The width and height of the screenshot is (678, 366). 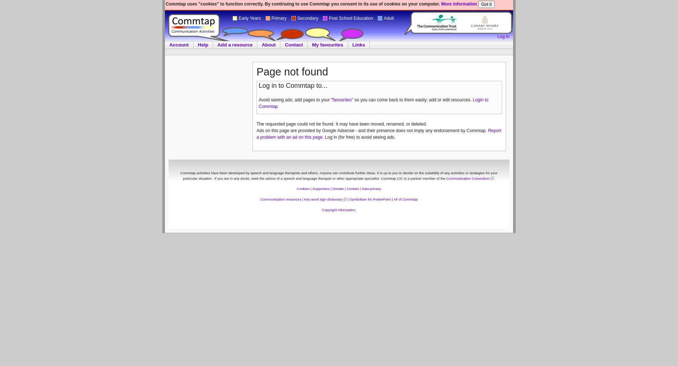 I want to click on 'Commtap uses "cookies" to function correctly. By continuing to use Commtap you consent to its use of cookies on your computer.', so click(x=165, y=4).